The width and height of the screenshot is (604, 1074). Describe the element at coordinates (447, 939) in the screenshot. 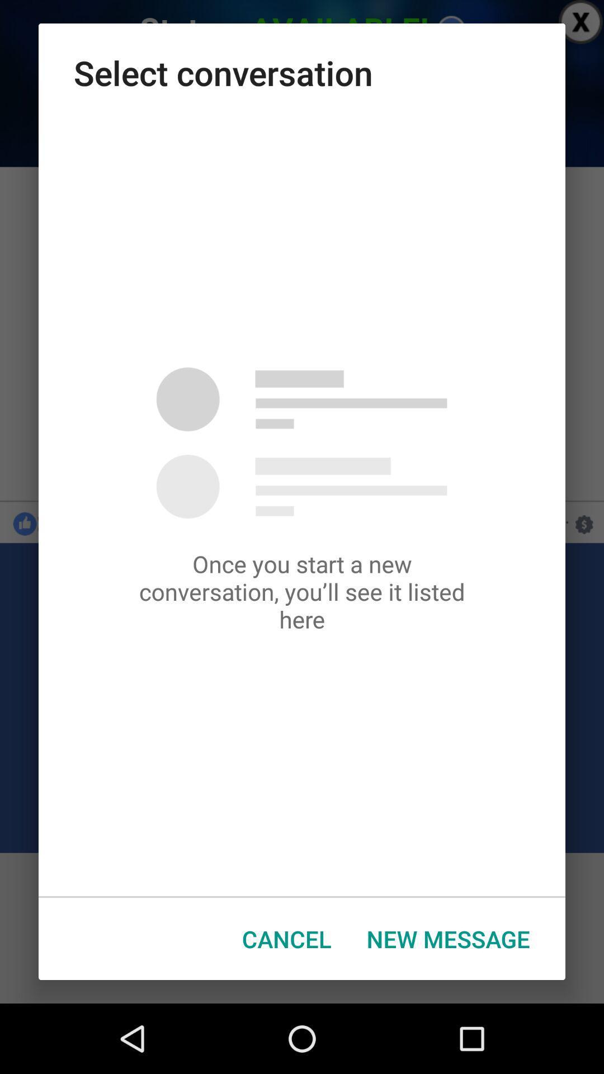

I see `the button at the bottom right corner` at that location.